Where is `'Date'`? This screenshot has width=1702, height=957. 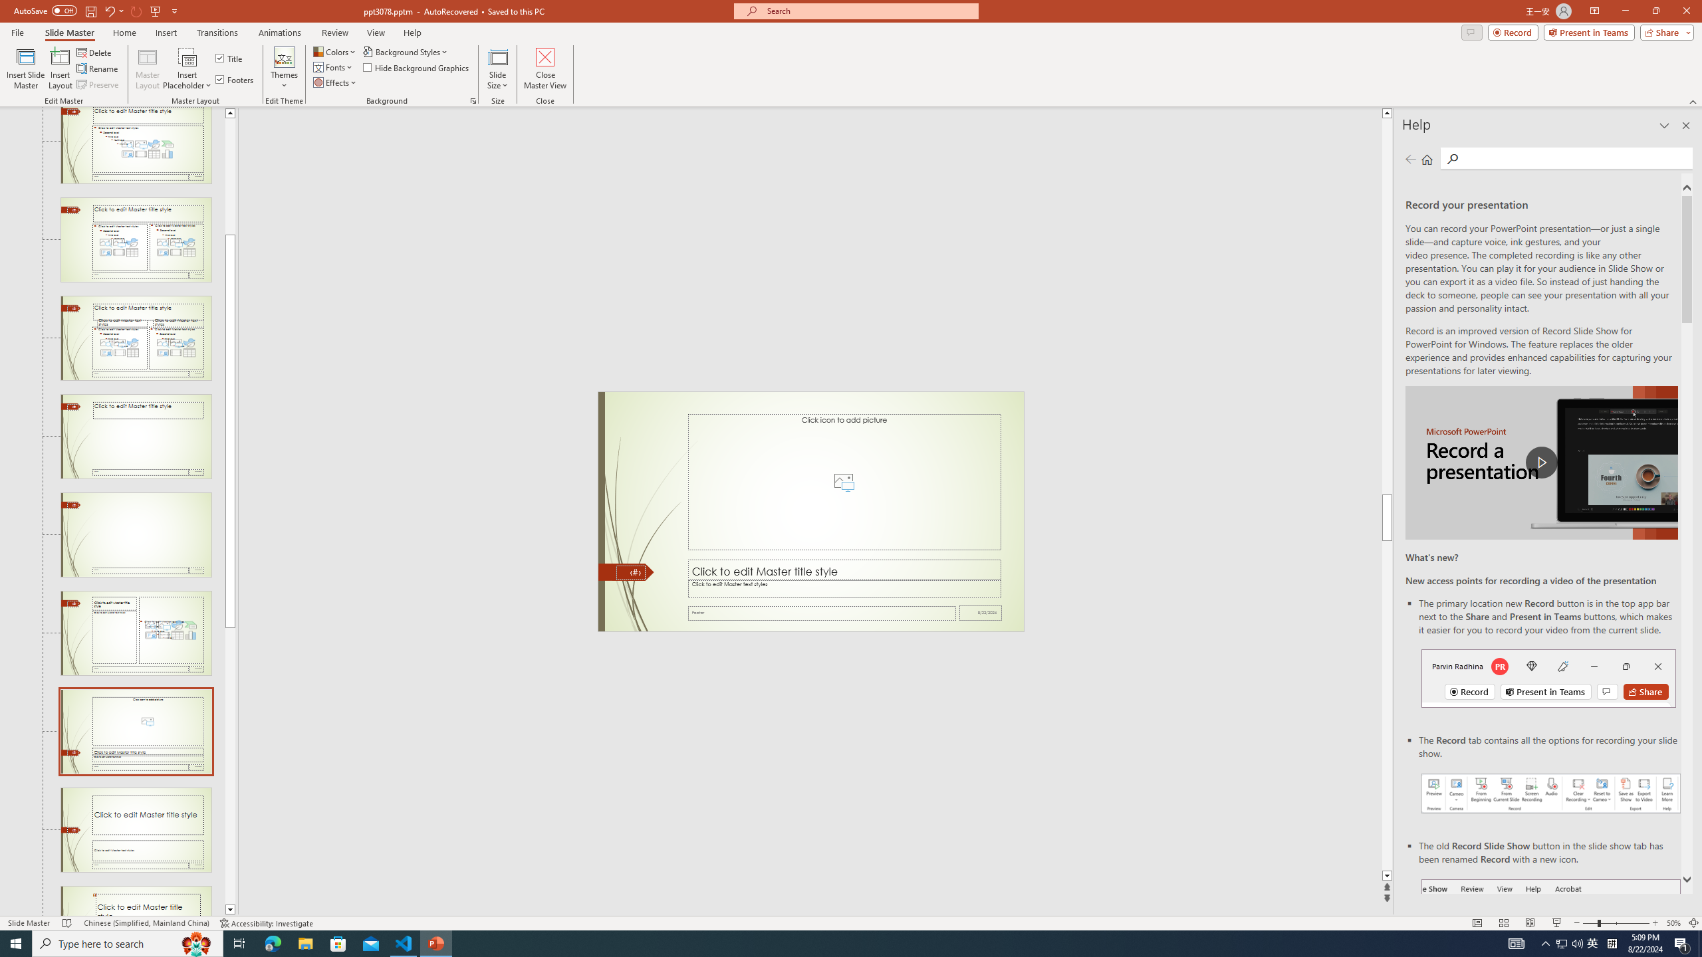 'Date' is located at coordinates (981, 613).